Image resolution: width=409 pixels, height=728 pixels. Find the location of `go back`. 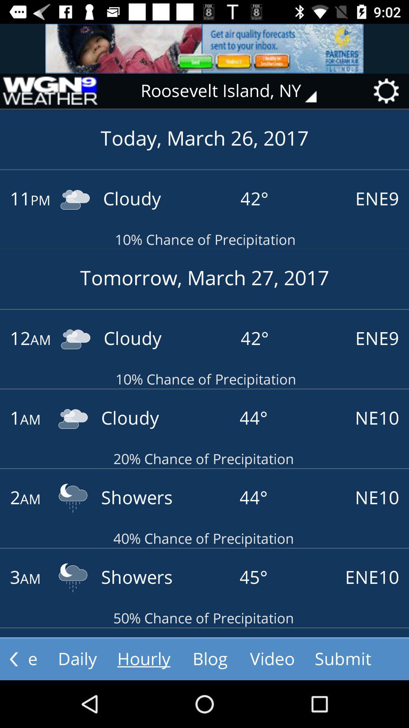

go back is located at coordinates (50, 91).